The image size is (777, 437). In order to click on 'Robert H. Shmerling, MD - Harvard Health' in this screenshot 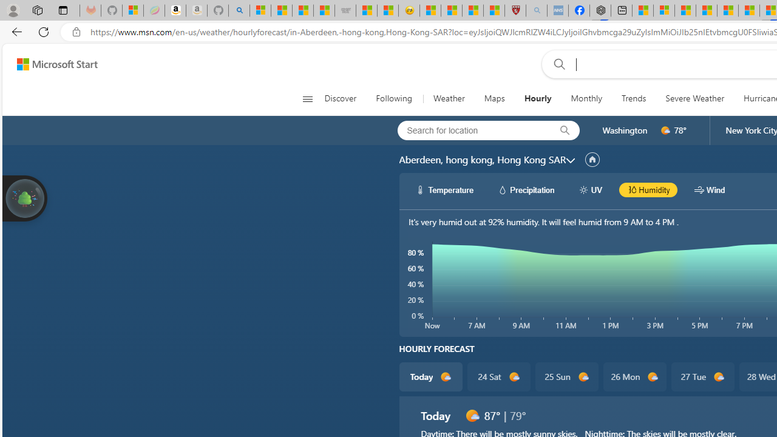, I will do `click(515, 10)`.